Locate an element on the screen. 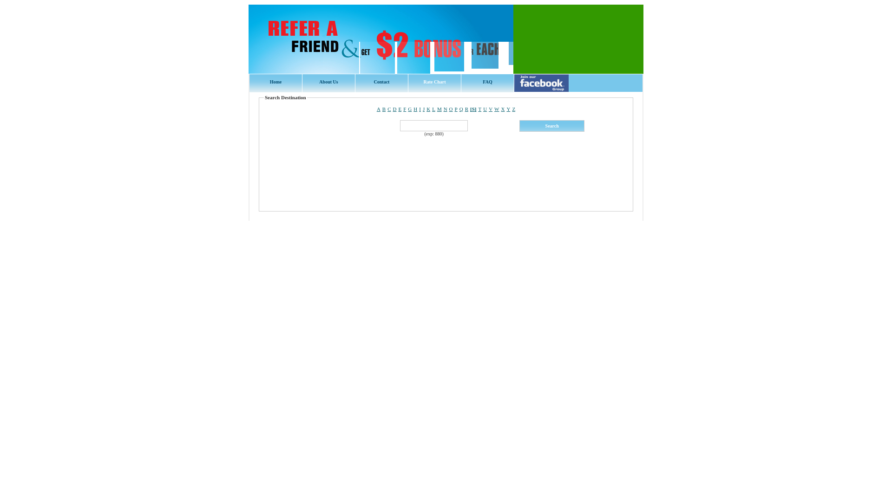 The image size is (892, 501). 'C' is located at coordinates (389, 109).